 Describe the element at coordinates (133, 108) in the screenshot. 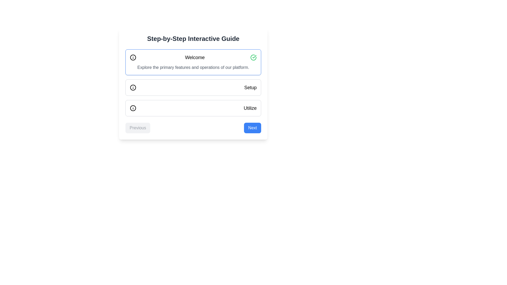

I see `the informational SVG Icon located on the left side of the 'Utilize' text element within the bottom row of the interactive guide box` at that location.